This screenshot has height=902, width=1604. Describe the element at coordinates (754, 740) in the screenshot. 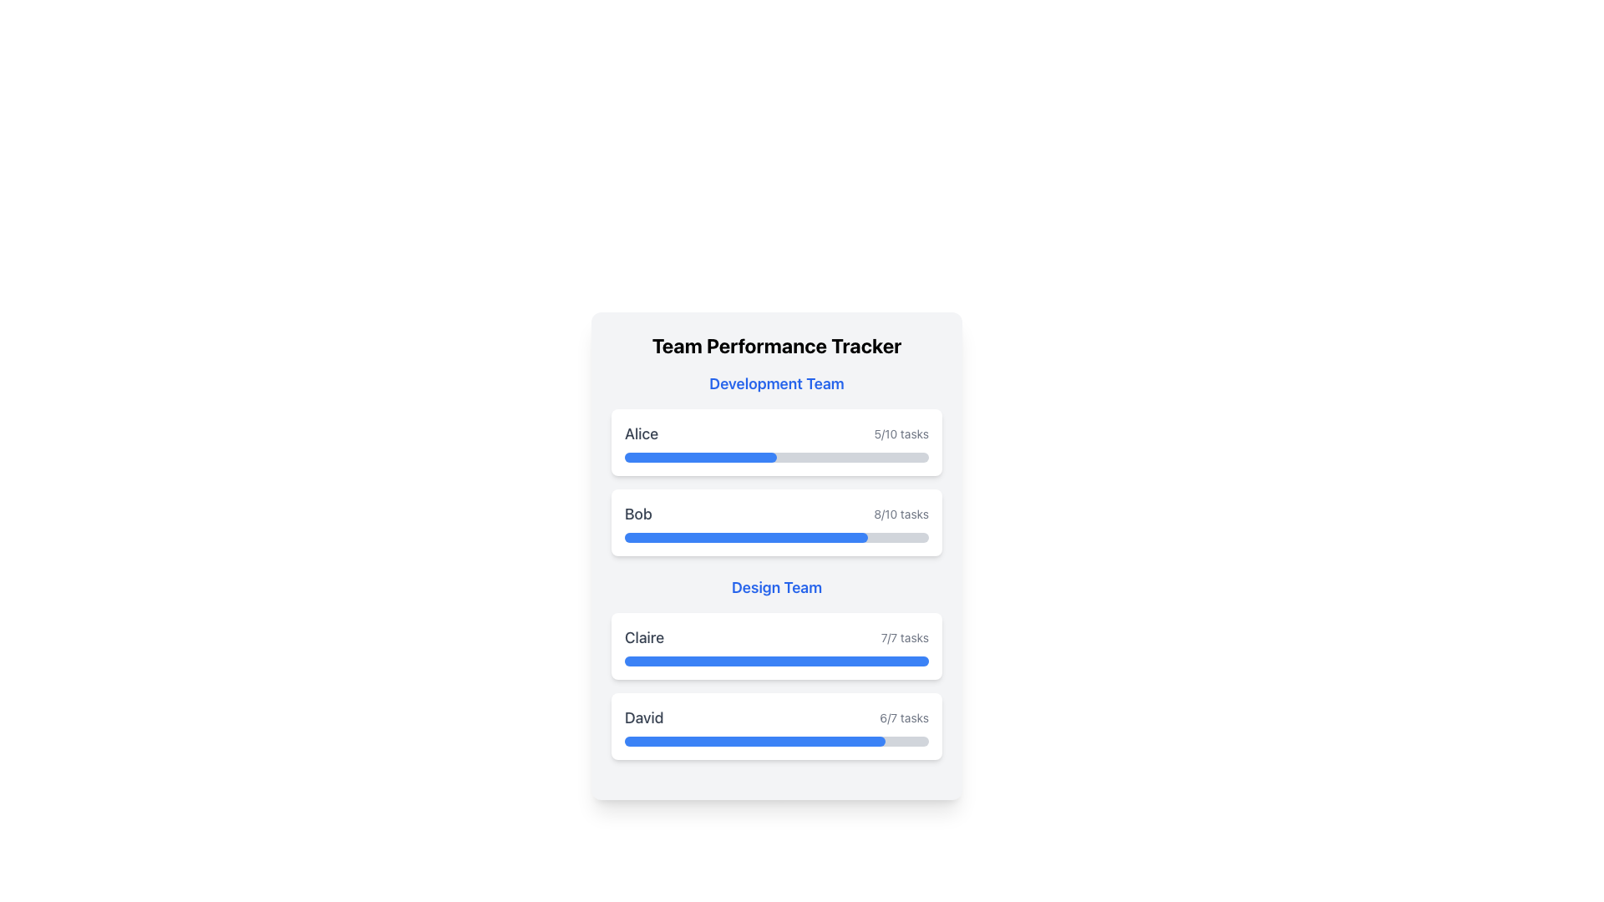

I see `the progress bar representing completion of 6 out of 7 tasks under the 'David' user entry in the 'Design Team' section` at that location.